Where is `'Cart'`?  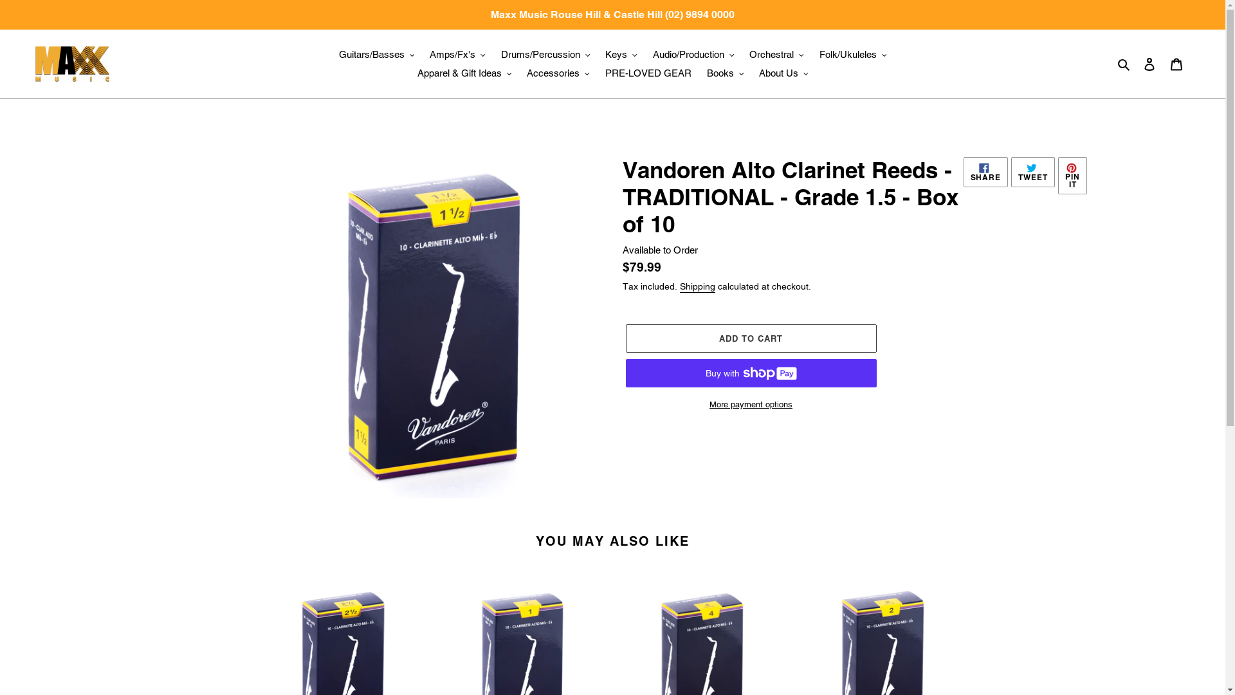 'Cart' is located at coordinates (1176, 64).